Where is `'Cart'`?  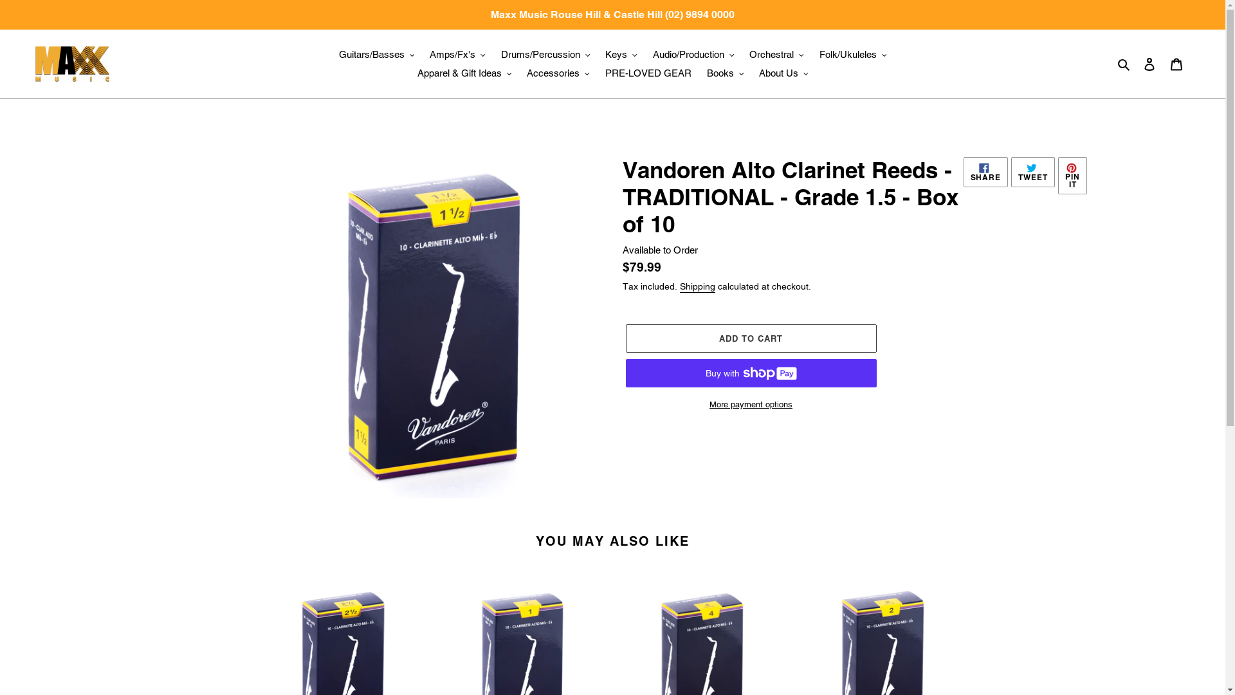 'Cart' is located at coordinates (1176, 64).